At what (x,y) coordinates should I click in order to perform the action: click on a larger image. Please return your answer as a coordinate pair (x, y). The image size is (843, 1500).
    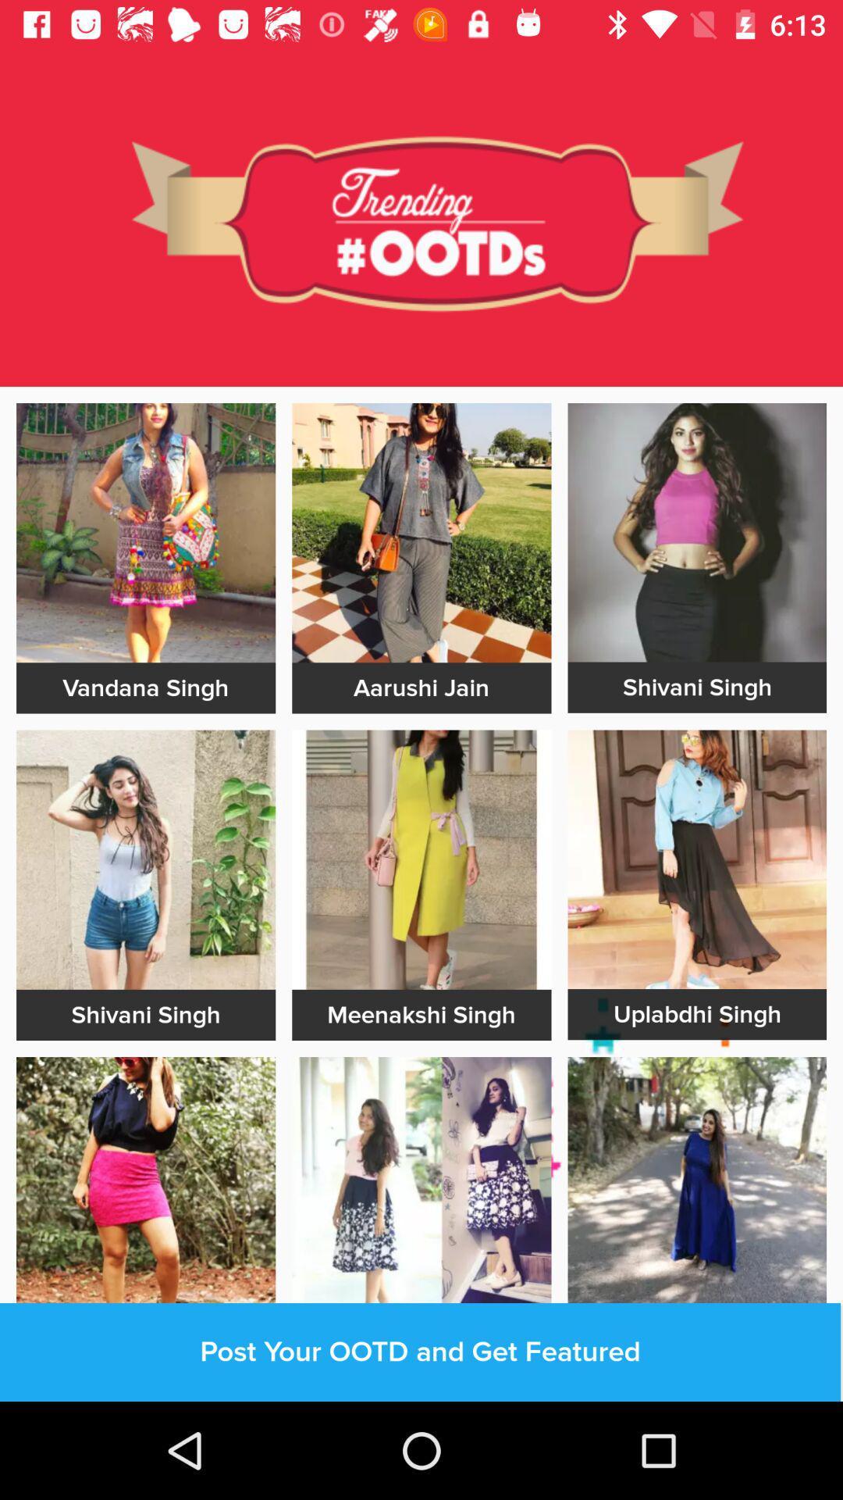
    Looking at the image, I should click on (146, 859).